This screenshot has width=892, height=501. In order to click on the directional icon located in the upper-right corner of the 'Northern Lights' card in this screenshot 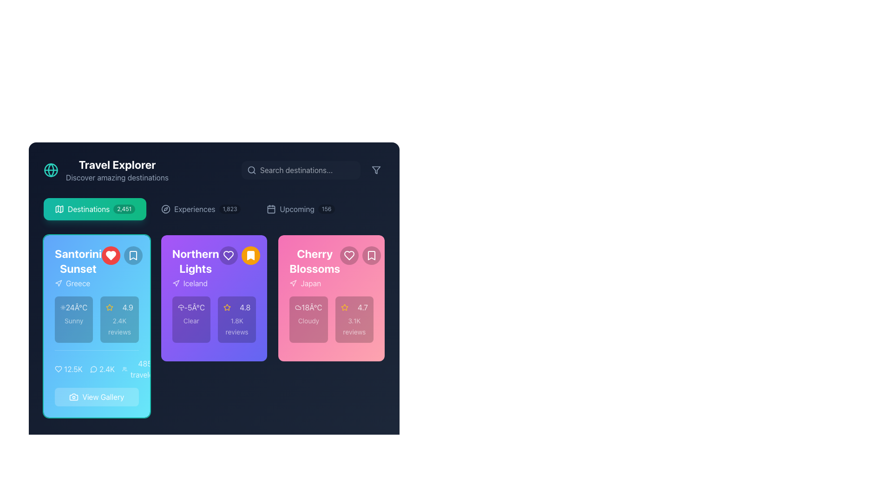, I will do `click(176, 283)`.